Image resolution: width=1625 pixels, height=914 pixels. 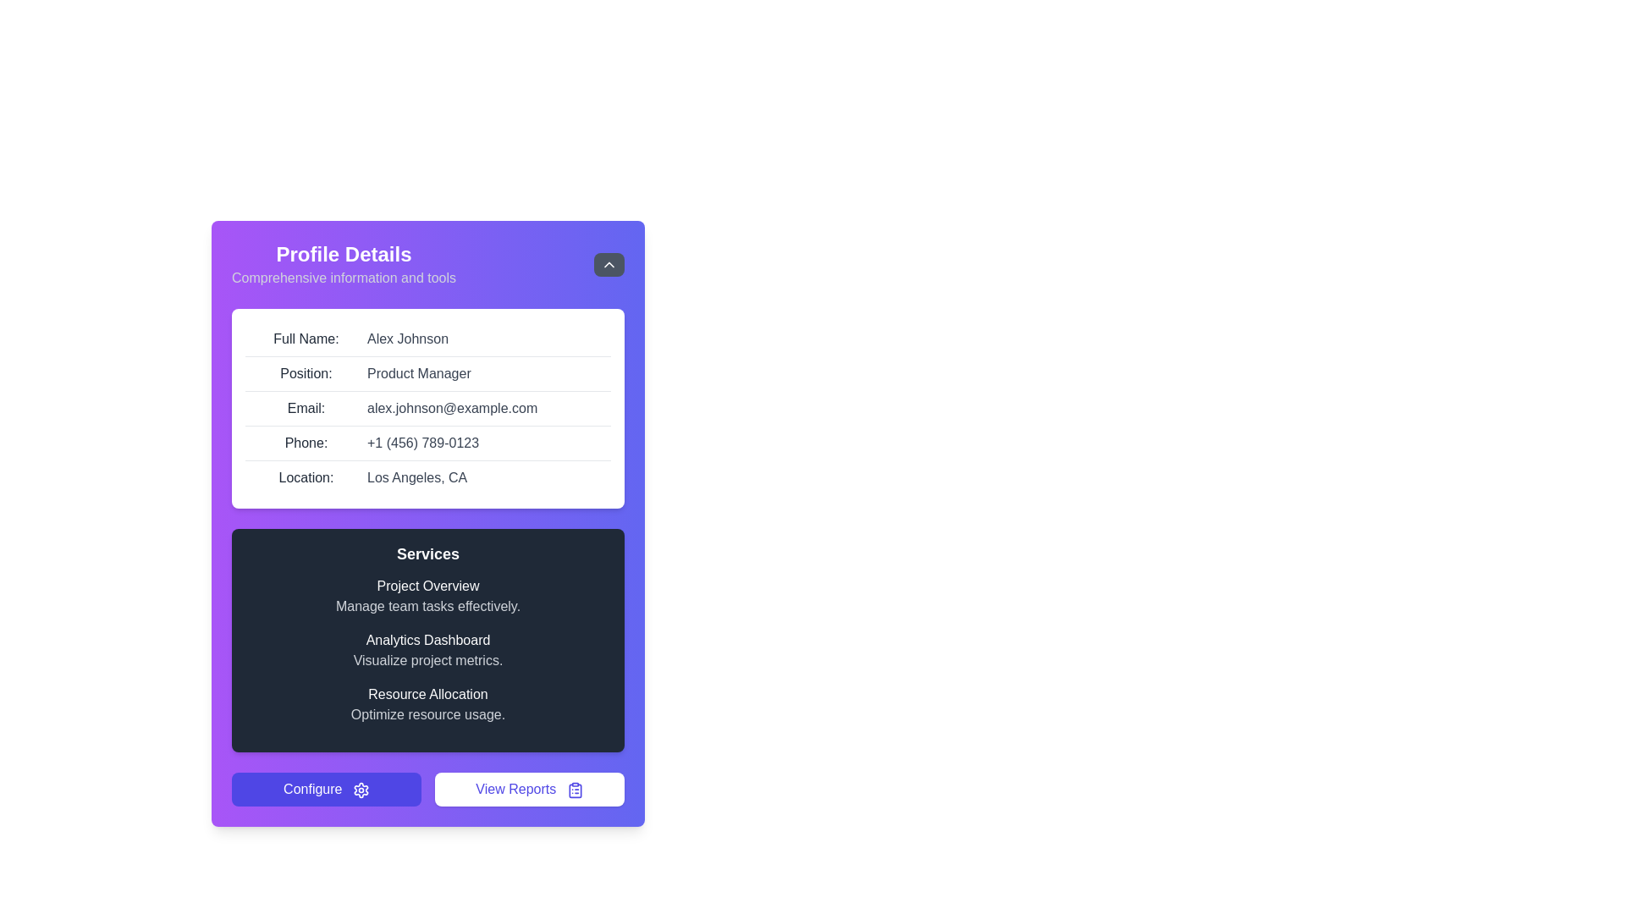 I want to click on the text block displaying 'Visualize project metrics.' located below the title 'Analytics Dashboard' in the 'Services' panel, so click(x=427, y=659).